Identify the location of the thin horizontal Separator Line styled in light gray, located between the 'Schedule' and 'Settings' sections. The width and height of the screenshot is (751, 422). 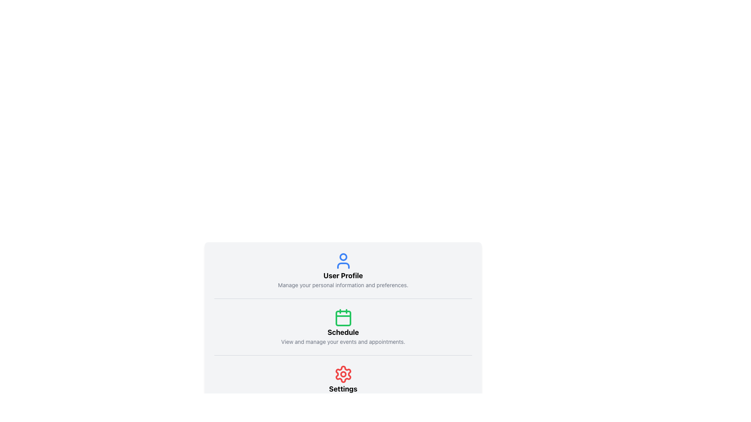
(343, 355).